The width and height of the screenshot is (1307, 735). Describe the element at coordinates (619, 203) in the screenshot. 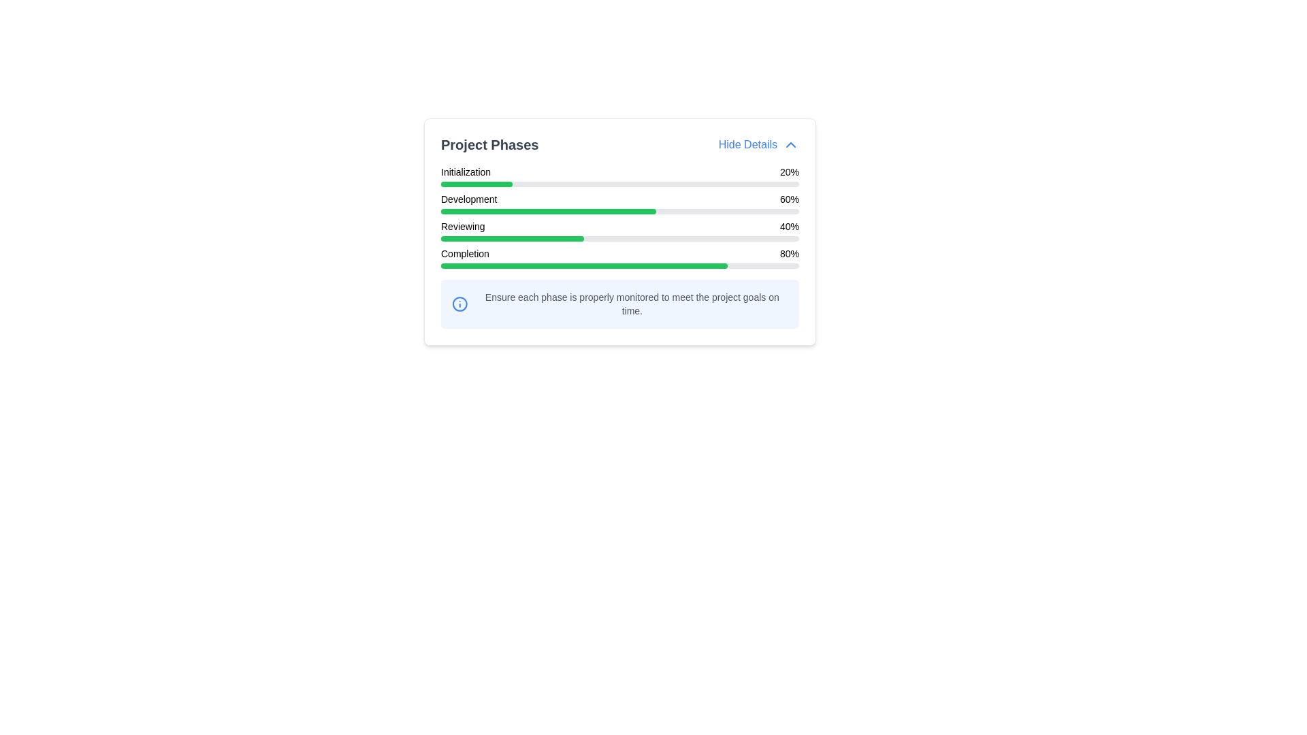

I see `the second progress bar in the 'Project Phases' panel, which indicates 60% completion of the 'Development' phase` at that location.